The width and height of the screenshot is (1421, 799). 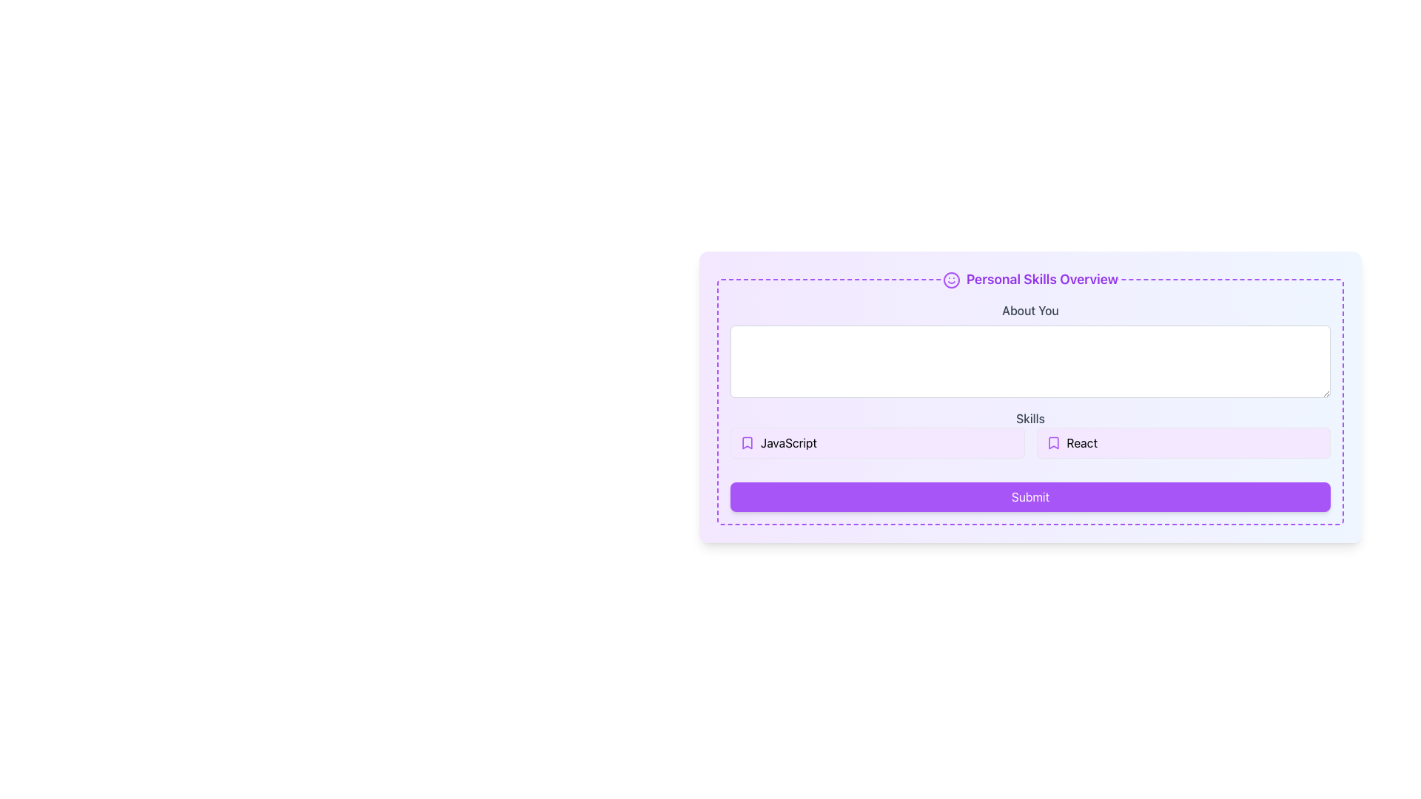 What do you see at coordinates (1183, 442) in the screenshot?
I see `the 'React' button with a purple border and light purple background to trigger the tooltip or visual change` at bounding box center [1183, 442].